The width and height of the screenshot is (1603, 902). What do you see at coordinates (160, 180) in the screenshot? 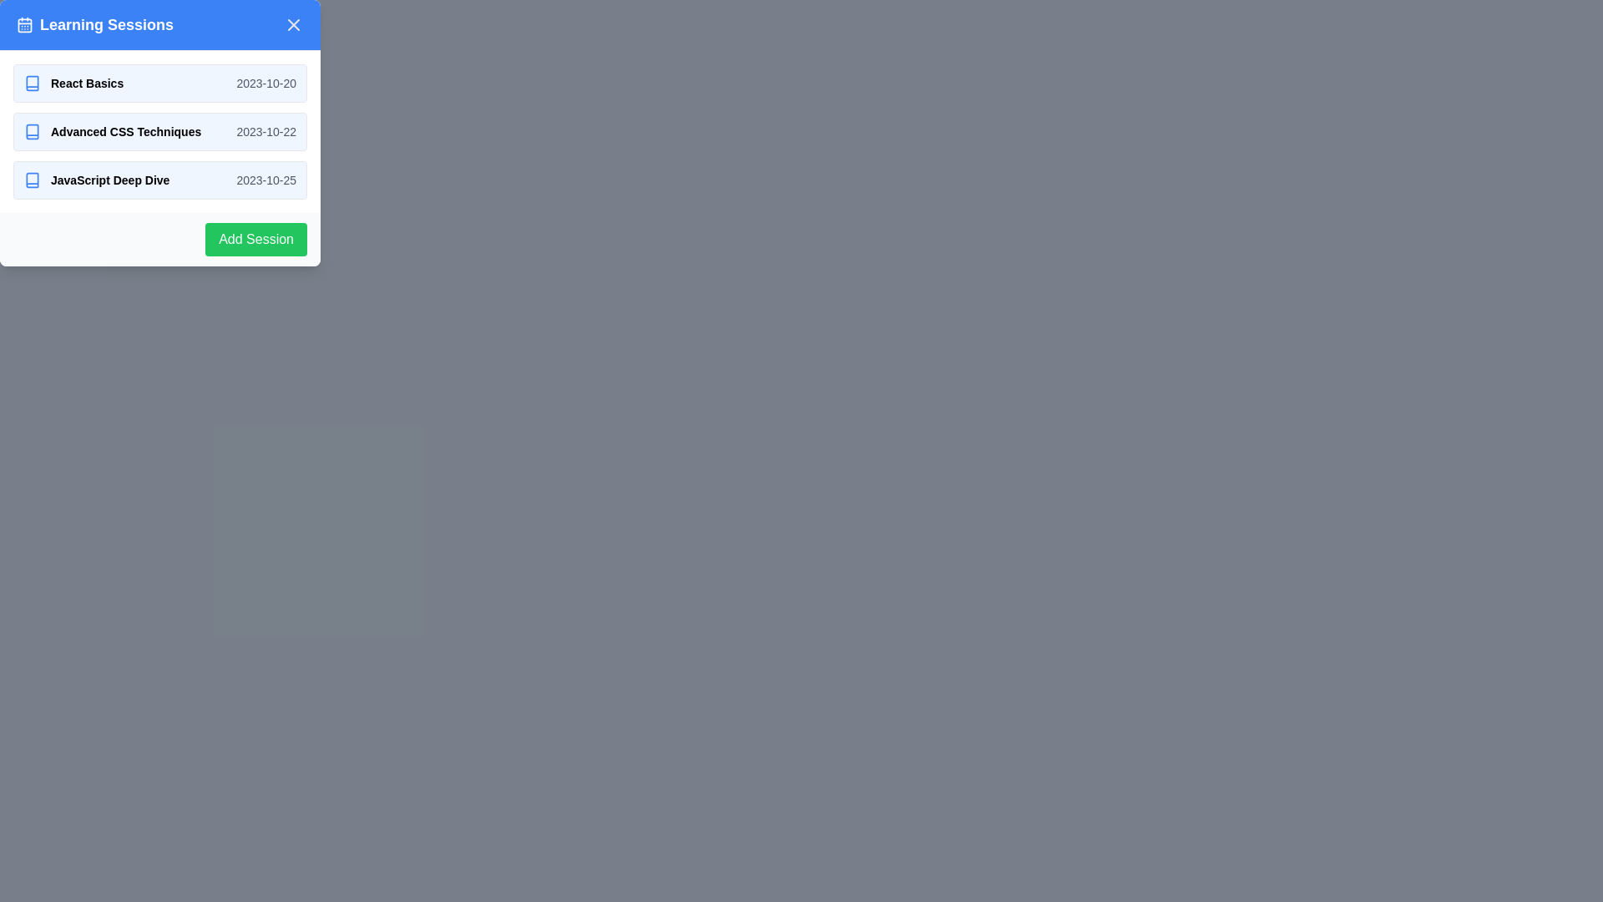
I see `on the list item displaying the session titled 'JavaScript Deep Dive'` at bounding box center [160, 180].